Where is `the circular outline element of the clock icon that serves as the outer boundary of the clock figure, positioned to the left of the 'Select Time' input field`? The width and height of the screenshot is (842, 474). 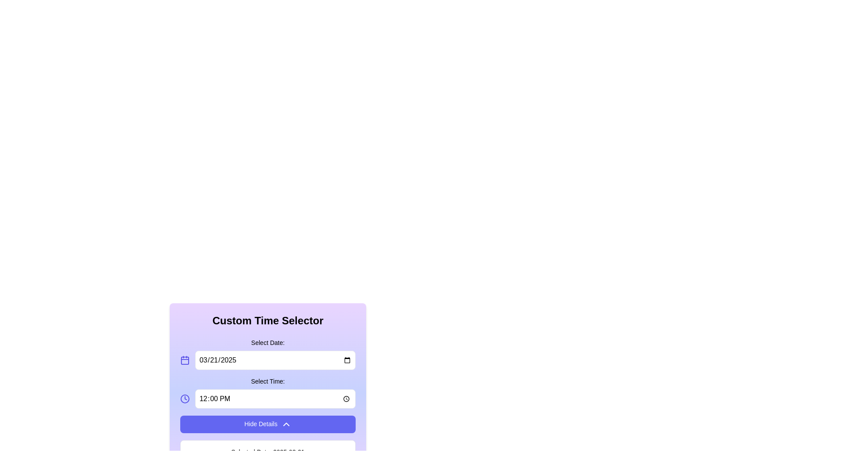
the circular outline element of the clock icon that serves as the outer boundary of the clock figure, positioned to the left of the 'Select Time' input field is located at coordinates (185, 399).